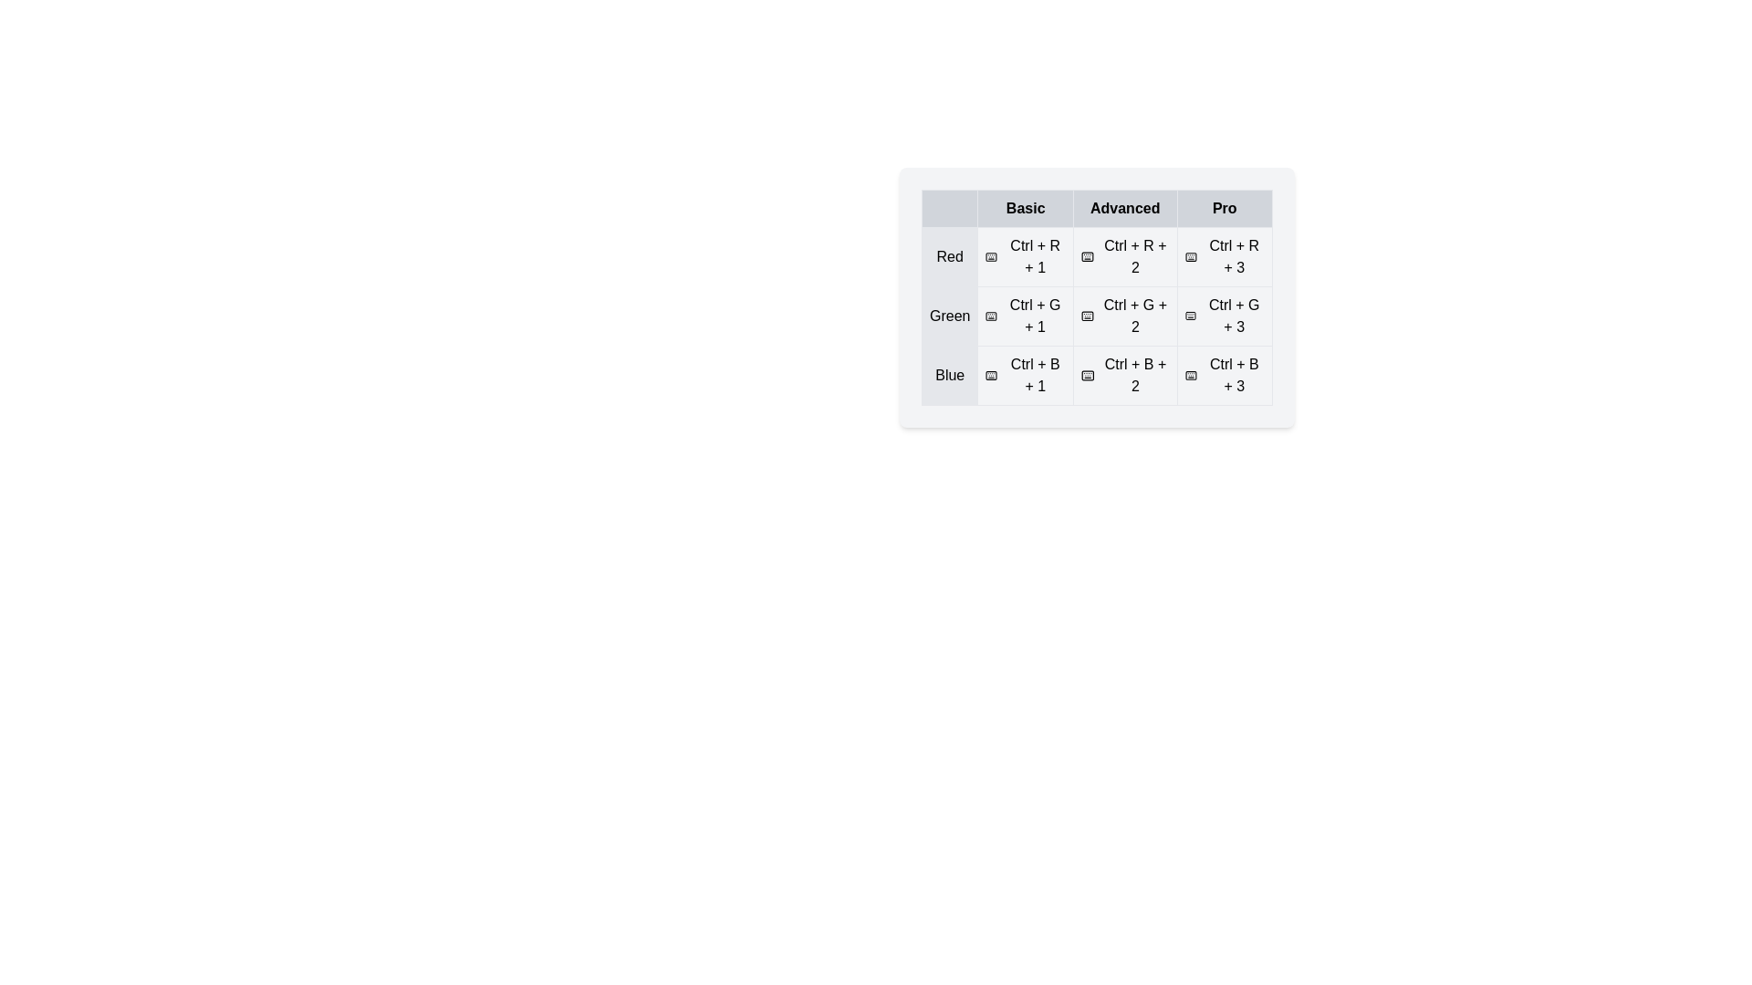  I want to click on the static text display indicating a keyboard combination in the 'Advanced' column under the 'Red' row, so click(1096, 256).